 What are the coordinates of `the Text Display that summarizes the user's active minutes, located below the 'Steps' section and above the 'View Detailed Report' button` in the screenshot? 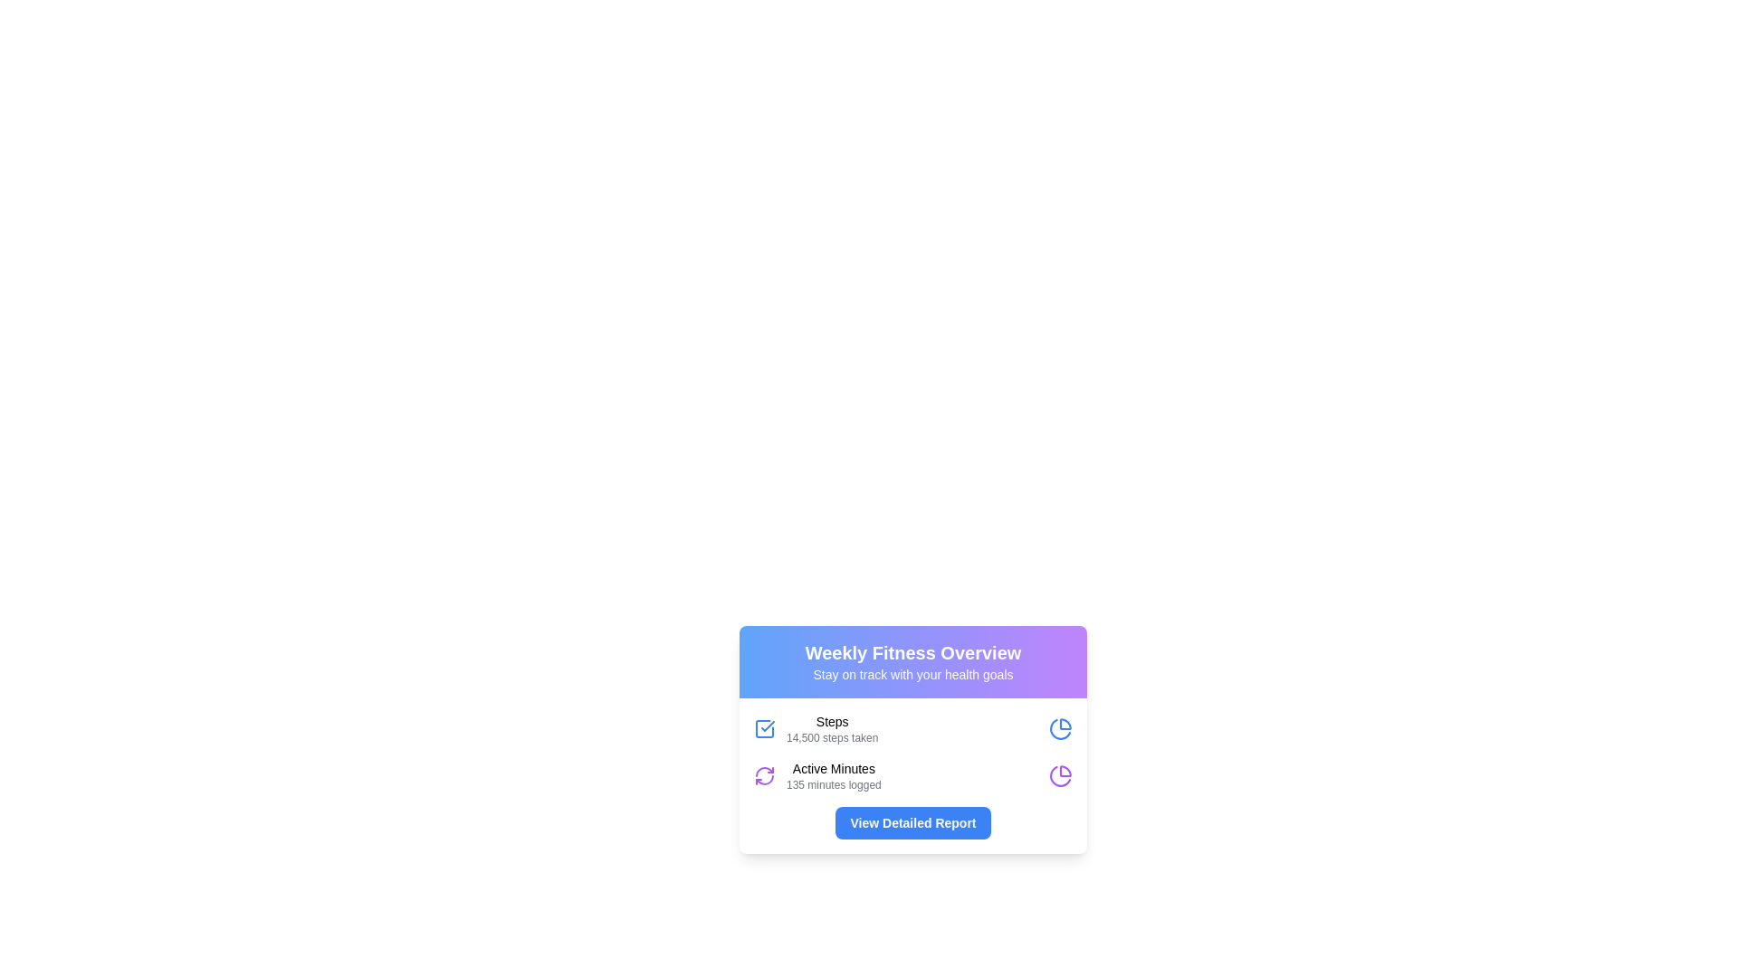 It's located at (833, 774).